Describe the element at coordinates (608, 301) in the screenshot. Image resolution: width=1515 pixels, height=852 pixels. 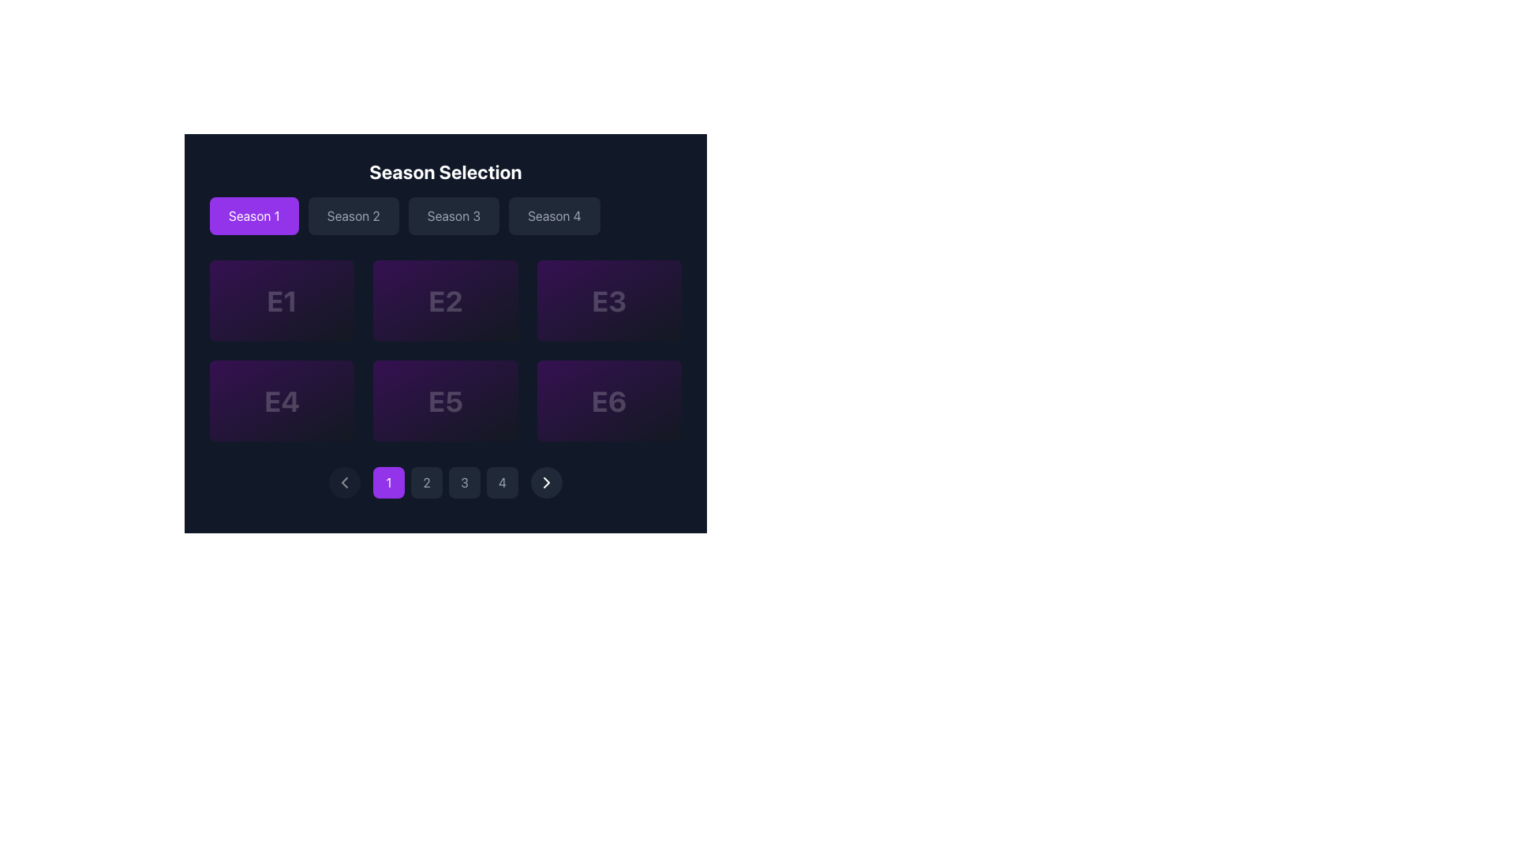
I see `the 'E3' text label styled in a bold white font on a purple background` at that location.